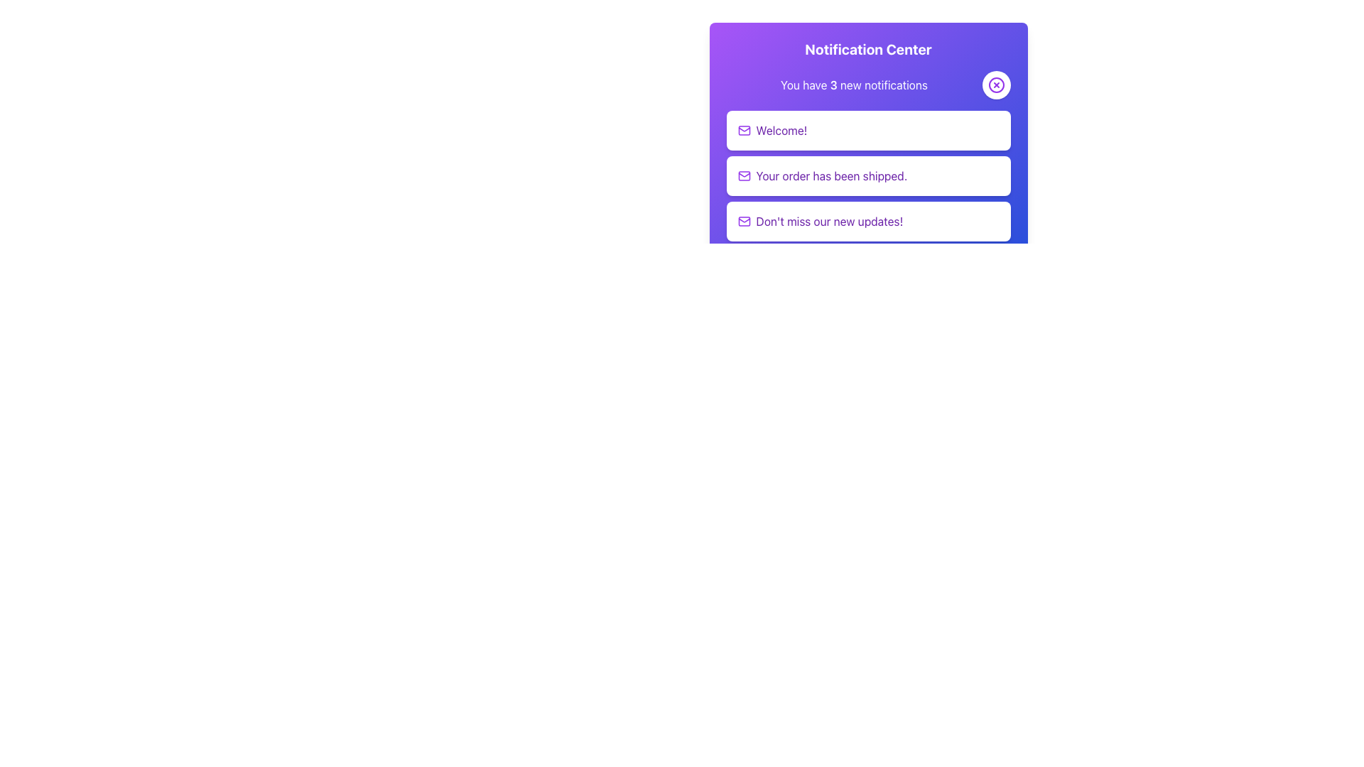  I want to click on the close button located at the top-right corner of the notification panel, so click(995, 85).